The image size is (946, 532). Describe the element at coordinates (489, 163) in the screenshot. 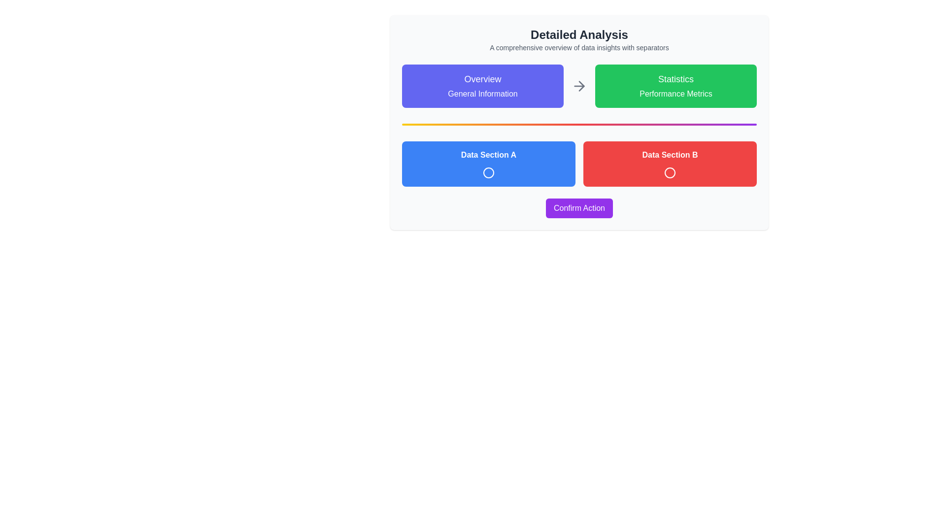

I see `the navigational button labeled 'Data Section A' located in the lower left quadrant of the interface` at that location.